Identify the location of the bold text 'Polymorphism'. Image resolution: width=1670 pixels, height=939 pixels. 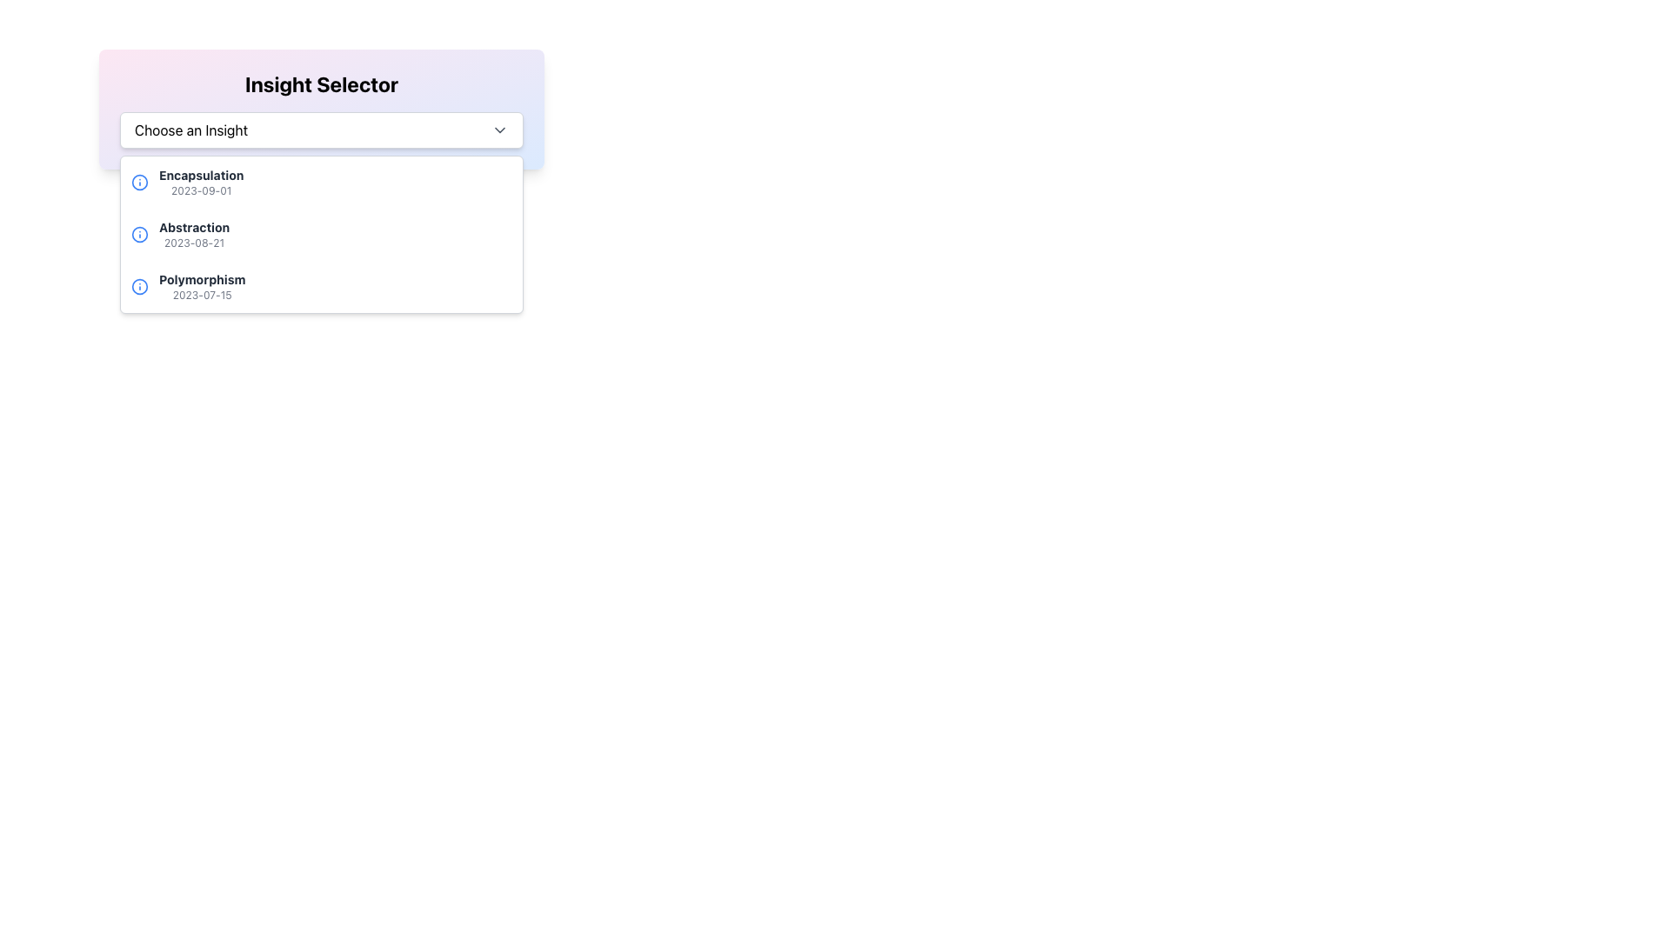
(202, 278).